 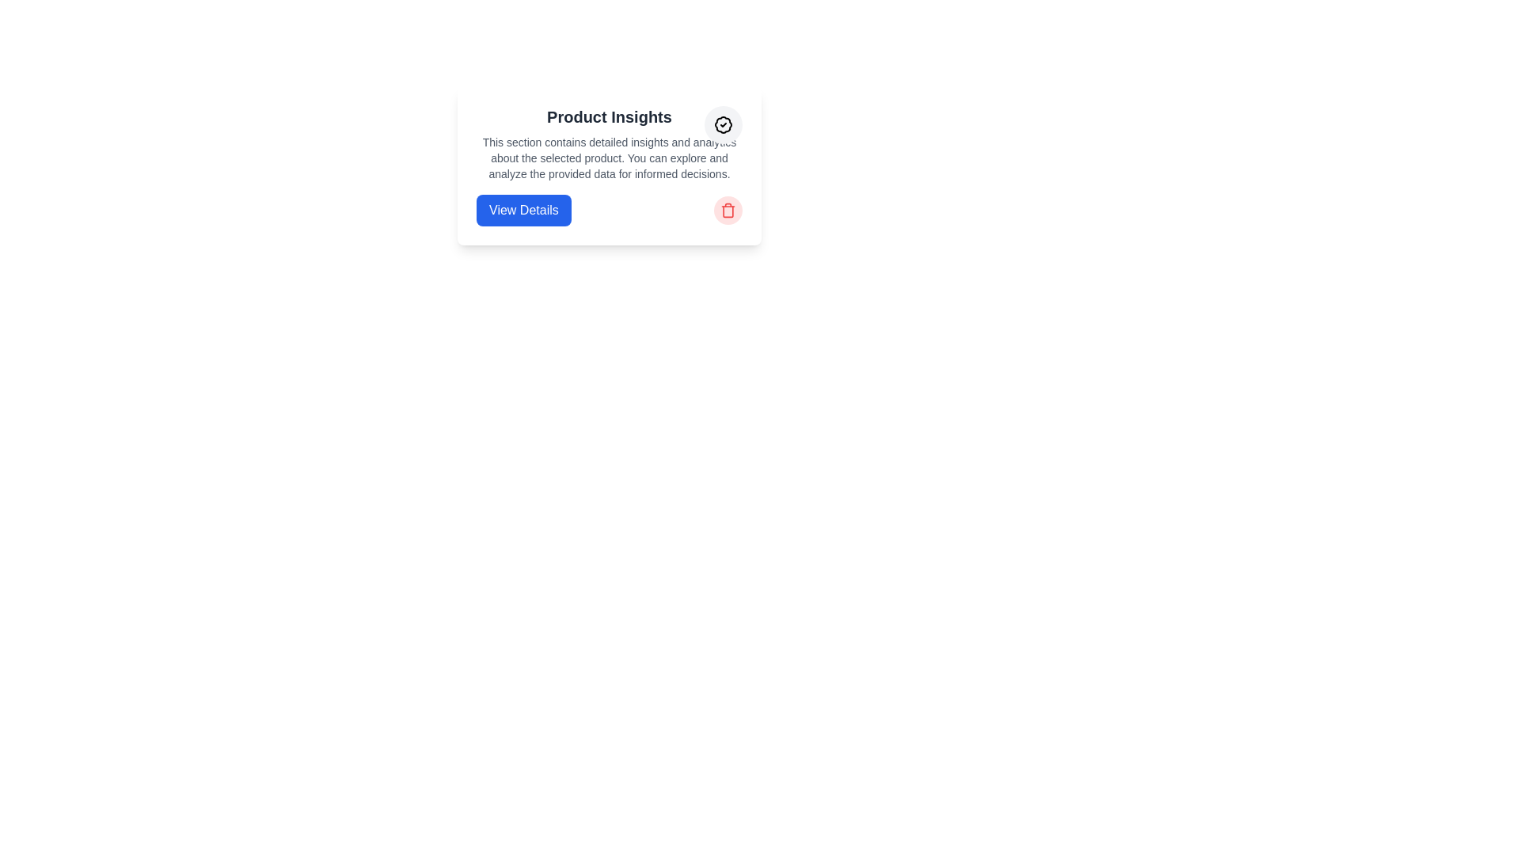 I want to click on the approval icon located in the top-right corner of the 'Product Insights' card, so click(x=722, y=124).